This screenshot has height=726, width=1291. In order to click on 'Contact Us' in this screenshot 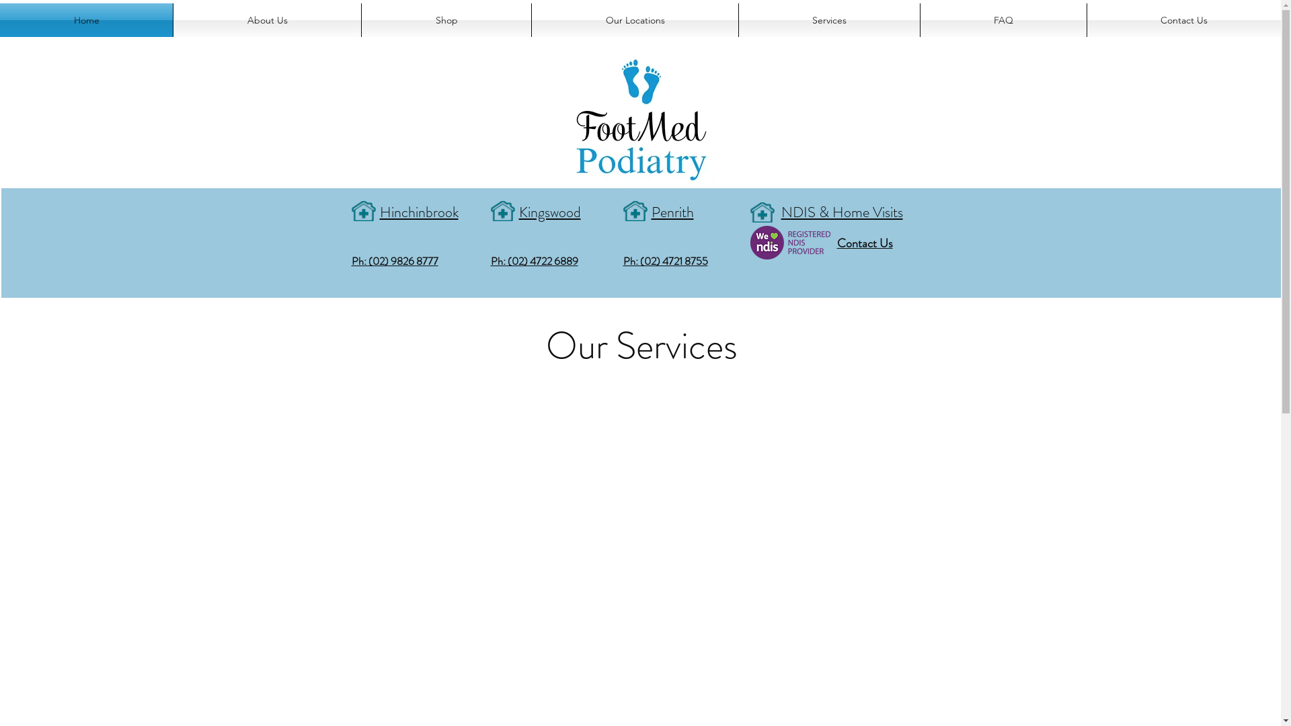, I will do `click(864, 241)`.